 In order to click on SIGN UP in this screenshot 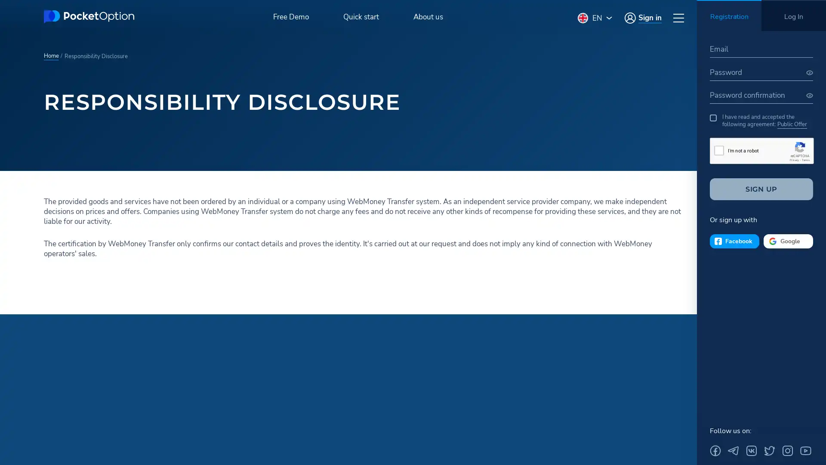, I will do `click(761, 189)`.